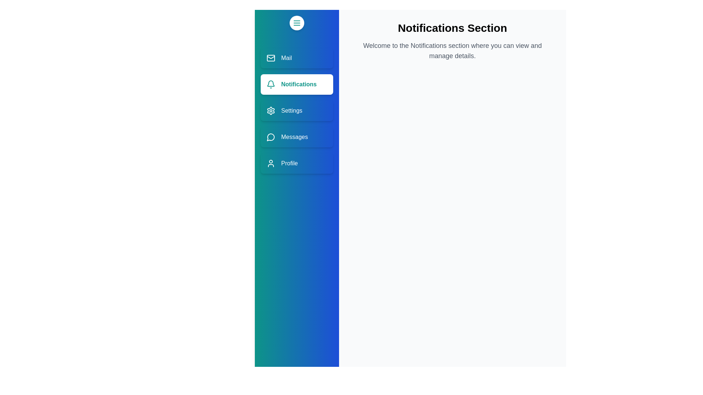 Image resolution: width=703 pixels, height=395 pixels. Describe the element at coordinates (297, 84) in the screenshot. I see `the section Notifications from the sidebar` at that location.